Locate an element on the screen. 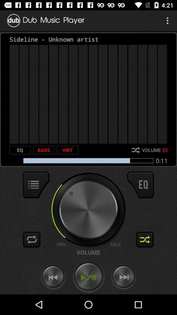 Image resolution: width=177 pixels, height=315 pixels. show the menu options is located at coordinates (36, 185).